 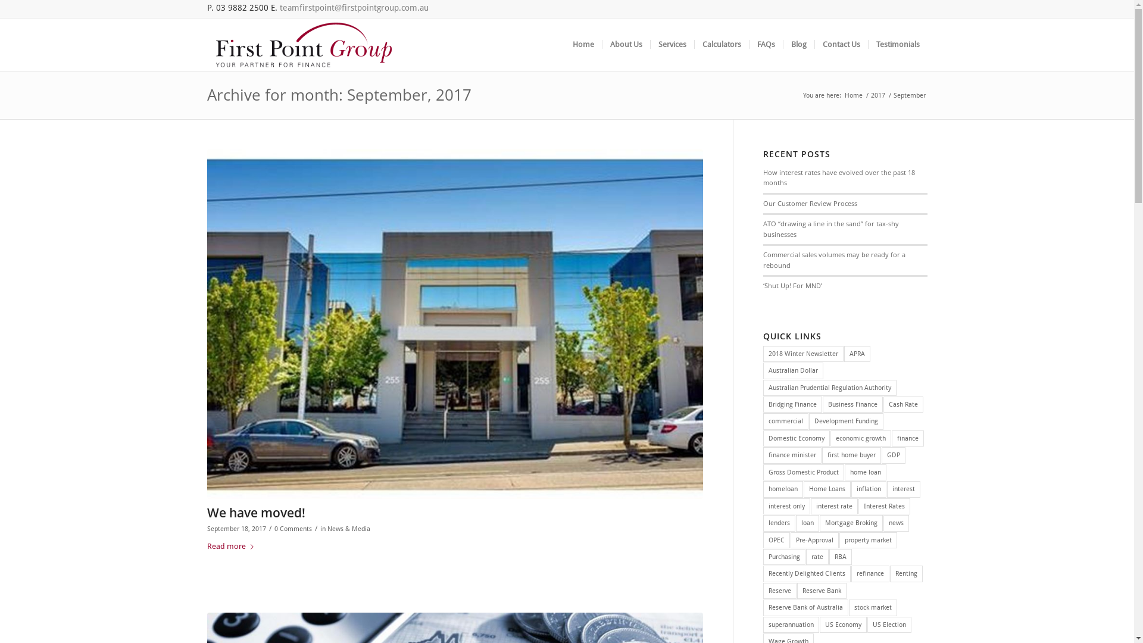 What do you see at coordinates (821, 591) in the screenshot?
I see `'Reserve Bank'` at bounding box center [821, 591].